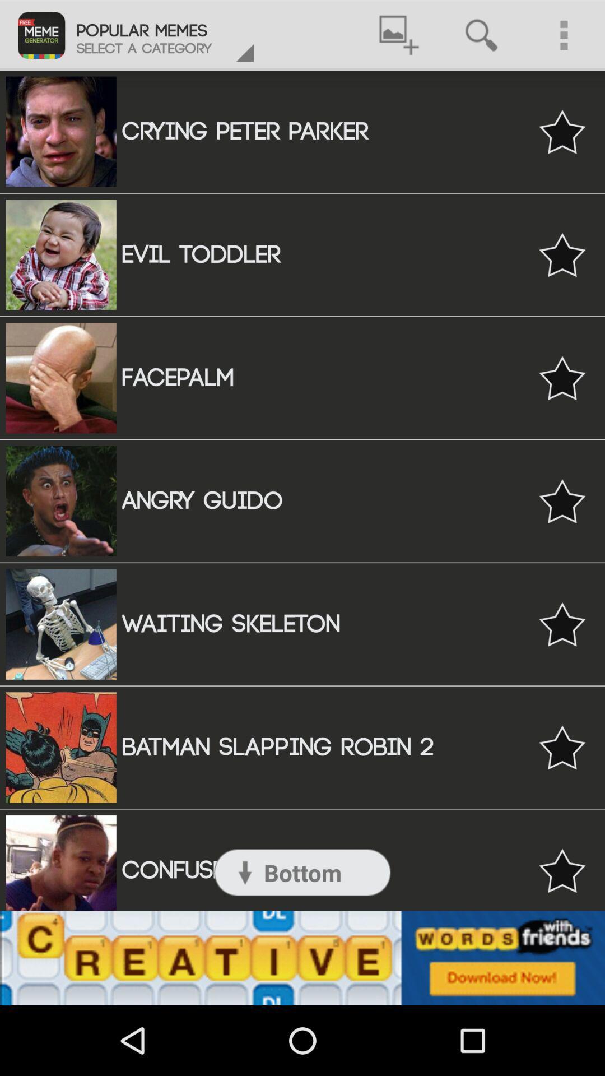 This screenshot has width=605, height=1076. I want to click on favorites, so click(562, 500).